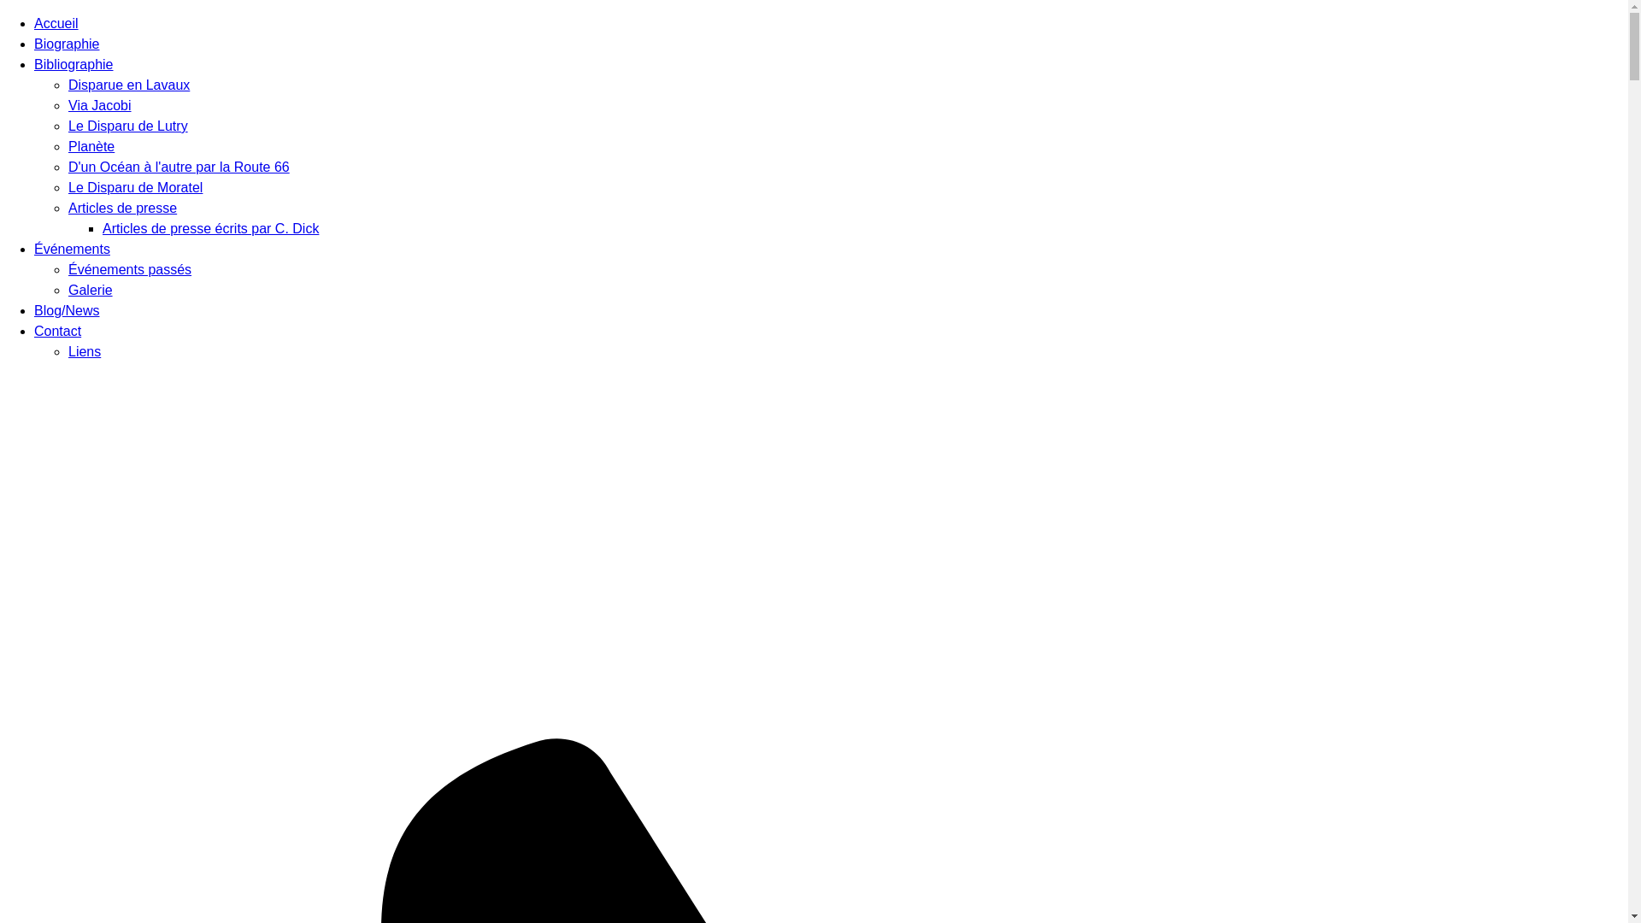 Image resolution: width=1641 pixels, height=923 pixels. What do you see at coordinates (134, 187) in the screenshot?
I see `'Le Disparu de Moratel'` at bounding box center [134, 187].